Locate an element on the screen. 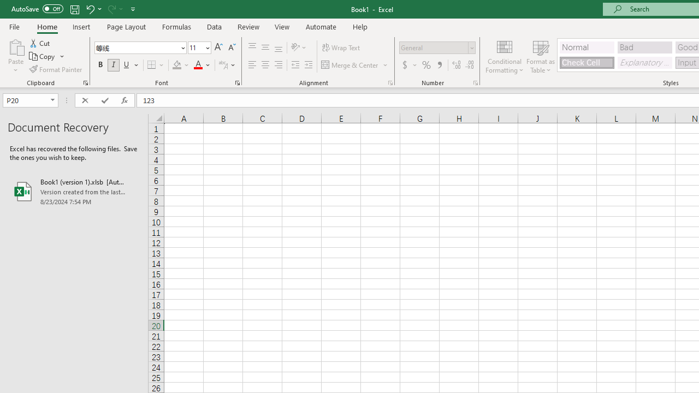  'Format as Table' is located at coordinates (541, 56).